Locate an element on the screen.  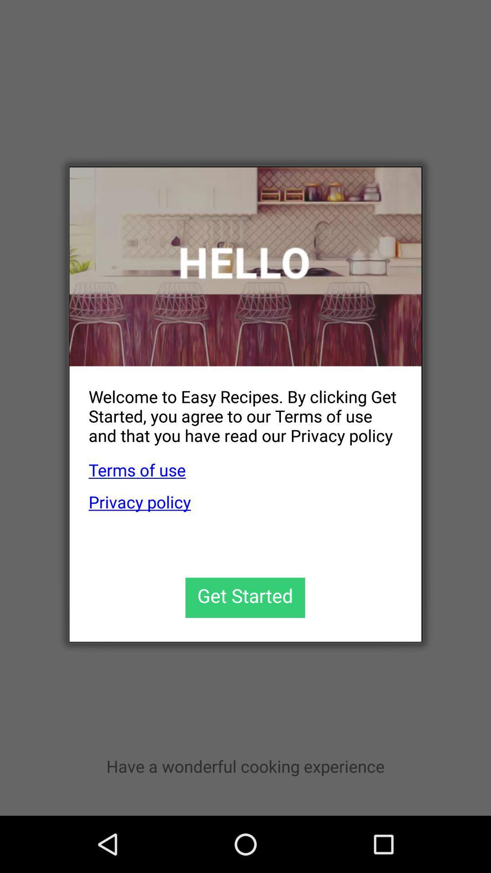
item above the welcome to easy is located at coordinates (245, 266).